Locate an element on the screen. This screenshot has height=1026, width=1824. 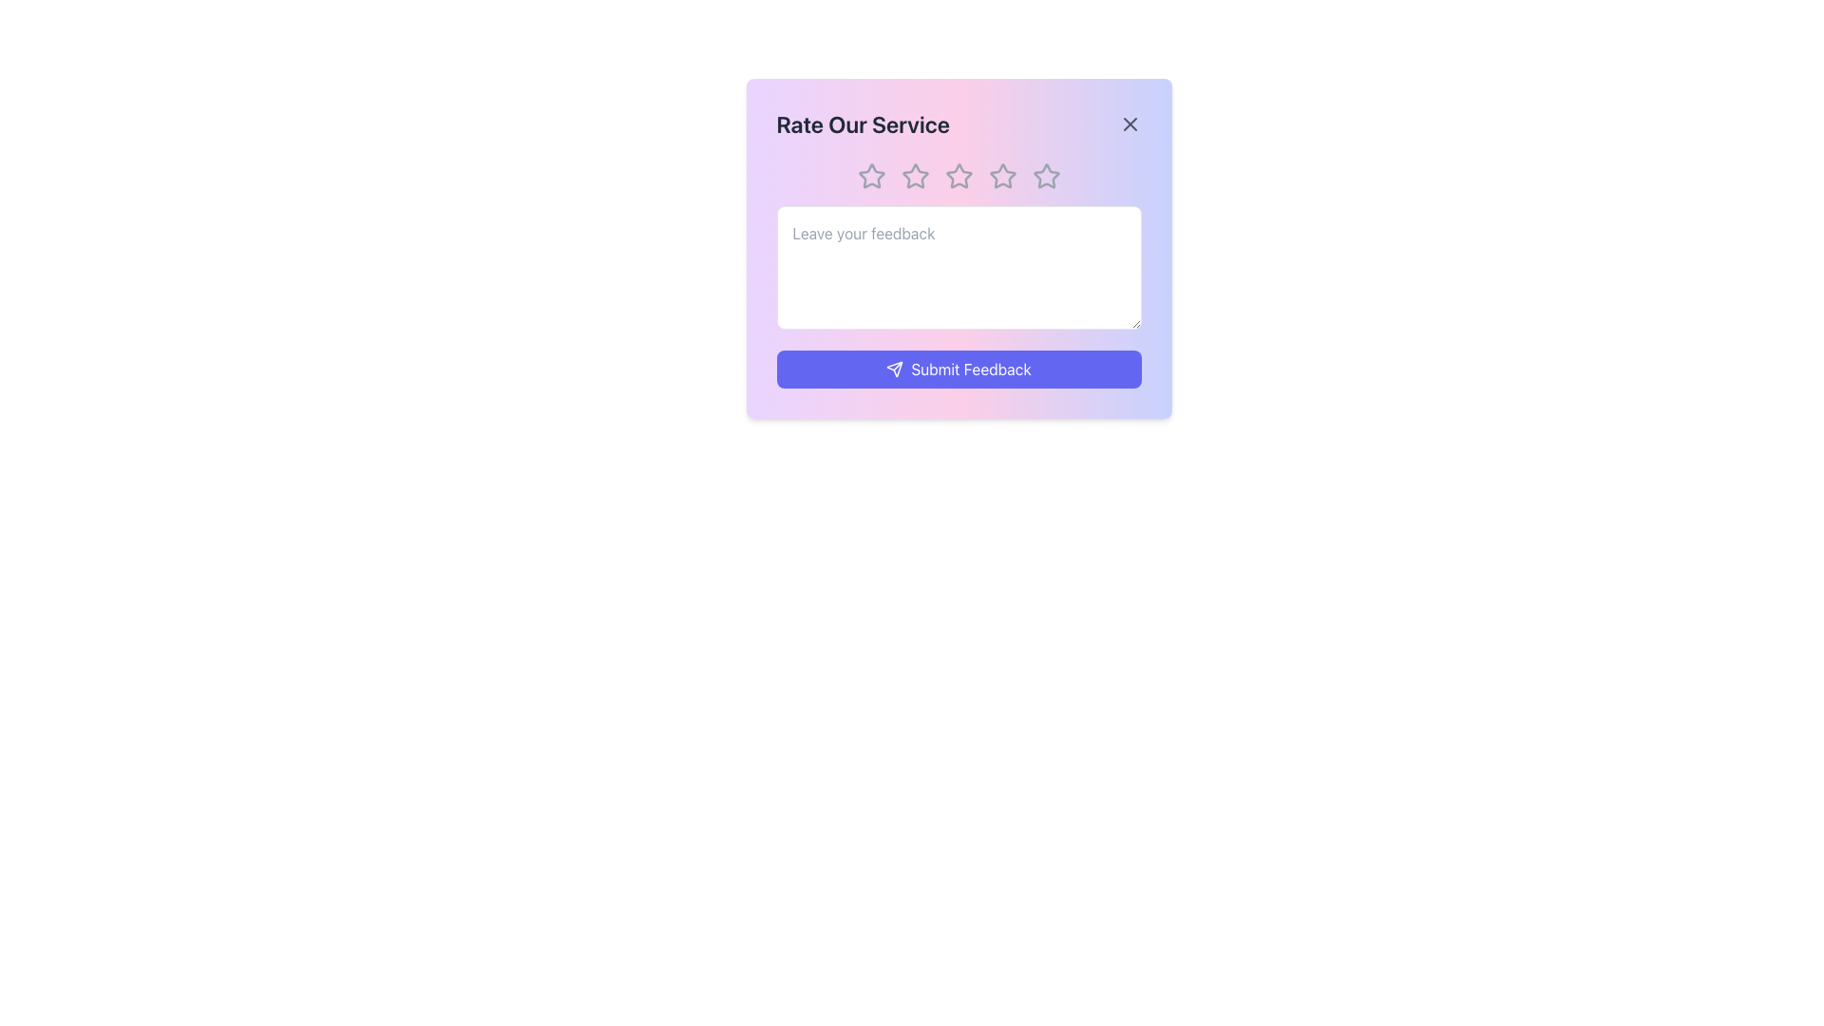
the small square button with an 'X' icon located at the top-right corner of the 'Rate Our Service' feedback form is located at coordinates (1130, 124).